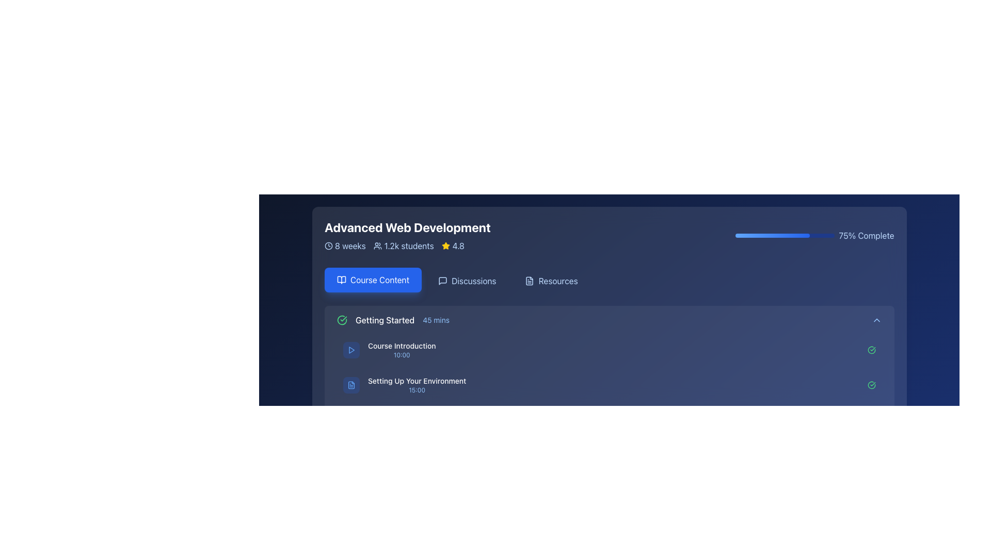 The image size is (991, 557). What do you see at coordinates (389, 349) in the screenshot?
I see `the first clickable course module entry located` at bounding box center [389, 349].